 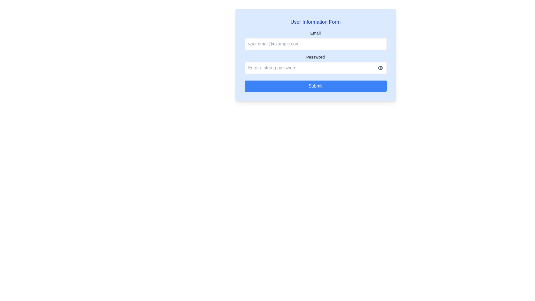 I want to click on the blue rectangular button with rounded corners labeled 'Submit' located at the bottom of the 'User Information Form', so click(x=315, y=86).